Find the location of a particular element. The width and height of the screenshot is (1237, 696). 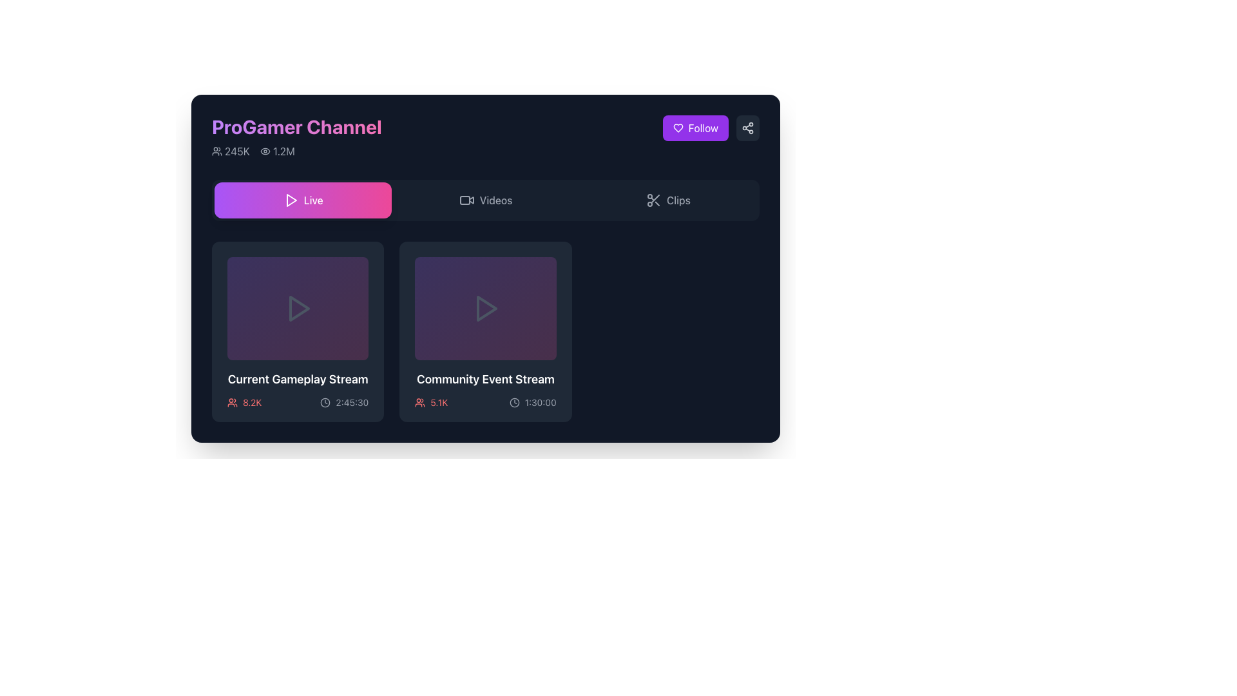

the interactive card for video or stream content located in the top-left corner of the grid layout is located at coordinates (297, 331).